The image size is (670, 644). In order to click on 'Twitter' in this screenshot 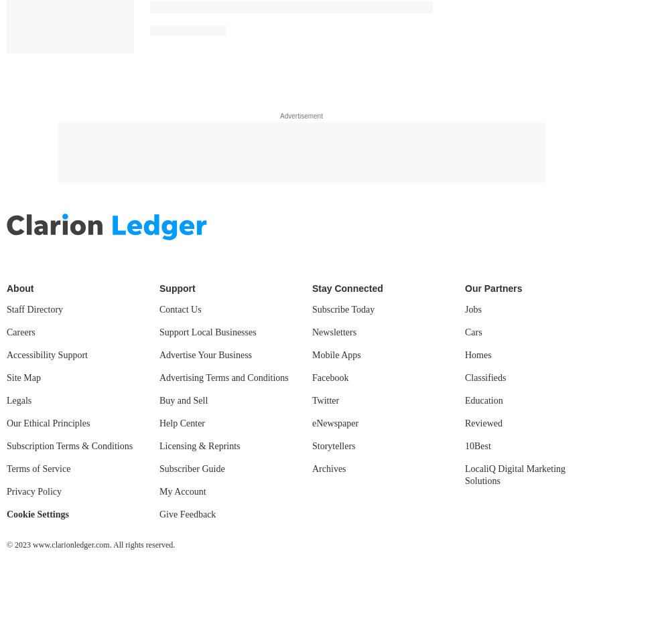, I will do `click(325, 399)`.